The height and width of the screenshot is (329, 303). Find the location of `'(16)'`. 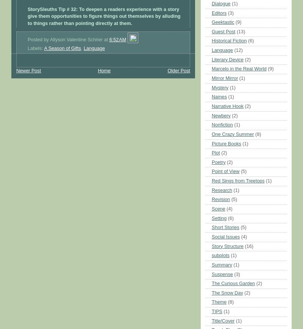

'(16)' is located at coordinates (244, 246).